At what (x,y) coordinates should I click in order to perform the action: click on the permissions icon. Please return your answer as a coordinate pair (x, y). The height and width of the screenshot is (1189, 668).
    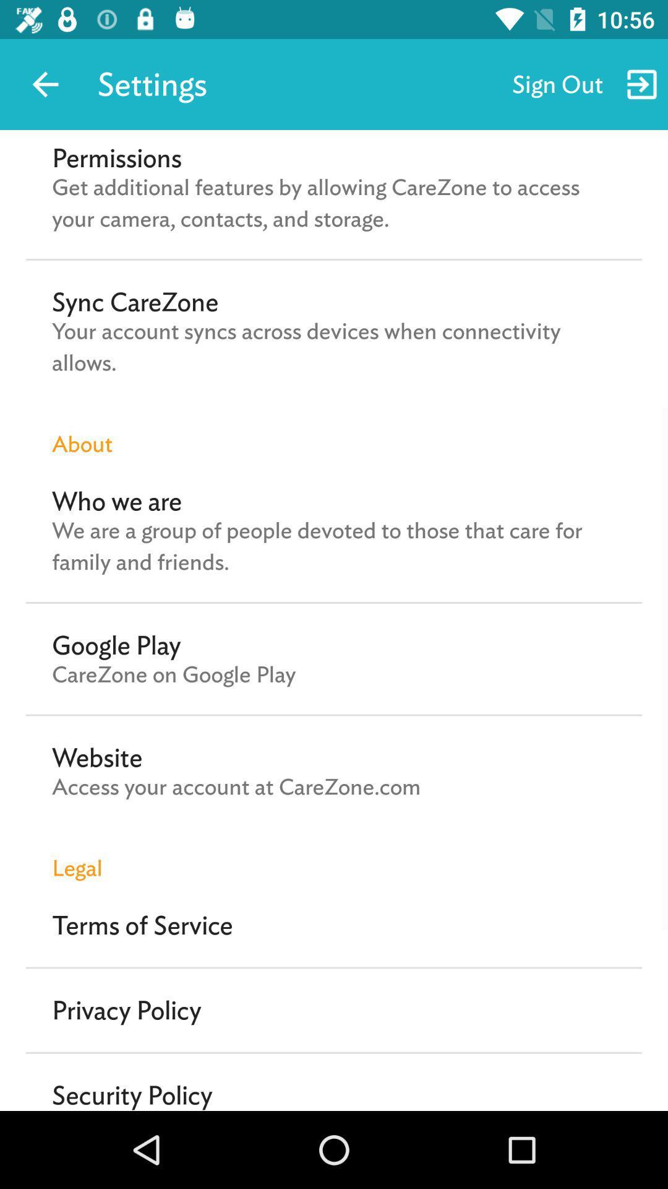
    Looking at the image, I should click on (117, 157).